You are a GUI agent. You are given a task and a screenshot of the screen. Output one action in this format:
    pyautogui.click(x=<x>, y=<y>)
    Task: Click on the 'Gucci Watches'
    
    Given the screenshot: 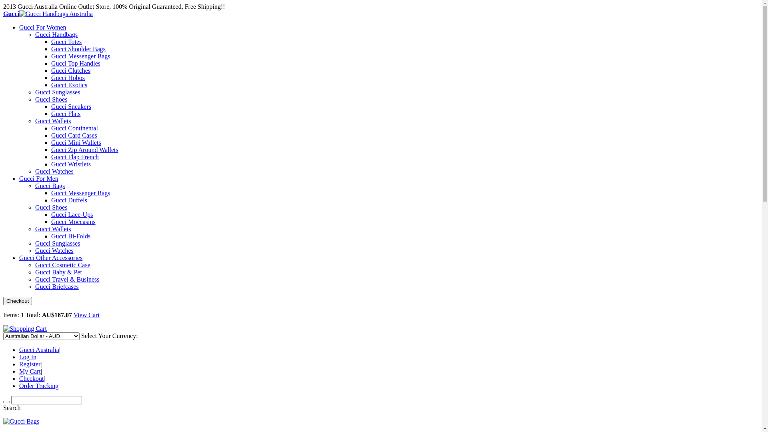 What is the action you would take?
    pyautogui.click(x=54, y=171)
    